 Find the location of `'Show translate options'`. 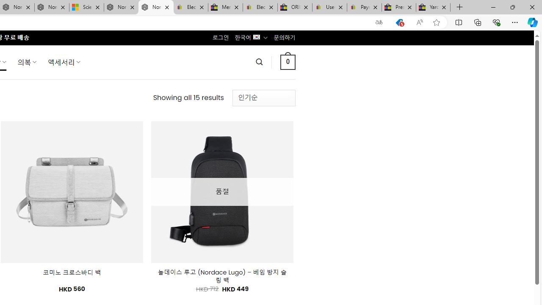

'Show translate options' is located at coordinates (379, 22).